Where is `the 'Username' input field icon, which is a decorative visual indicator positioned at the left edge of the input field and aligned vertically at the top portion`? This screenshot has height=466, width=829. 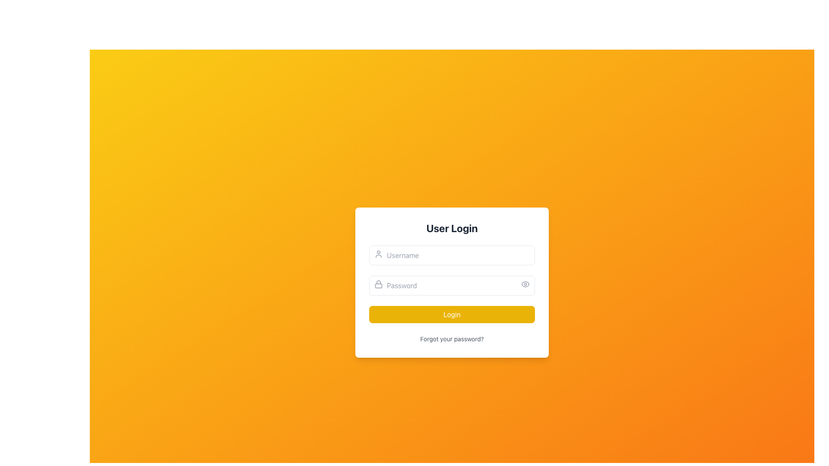 the 'Username' input field icon, which is a decorative visual indicator positioned at the left edge of the input field and aligned vertically at the top portion is located at coordinates (379, 254).